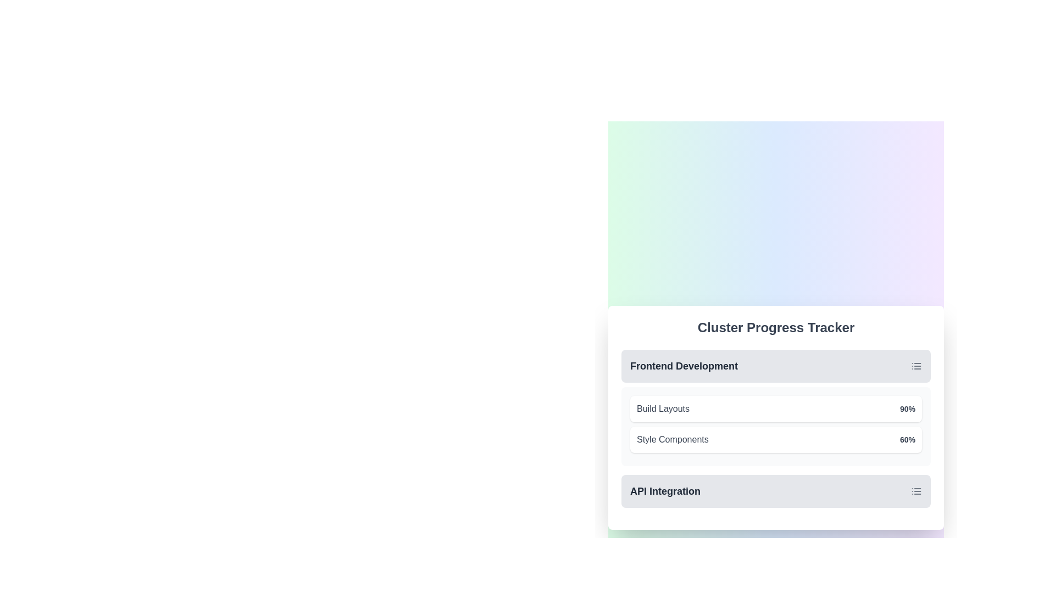 This screenshot has width=1055, height=593. What do you see at coordinates (663, 409) in the screenshot?
I see `the label displaying the text 'Build Layouts', which is gray and located under the 'Frontend Development' section of the 'Cluster Progress Tracker'` at bounding box center [663, 409].